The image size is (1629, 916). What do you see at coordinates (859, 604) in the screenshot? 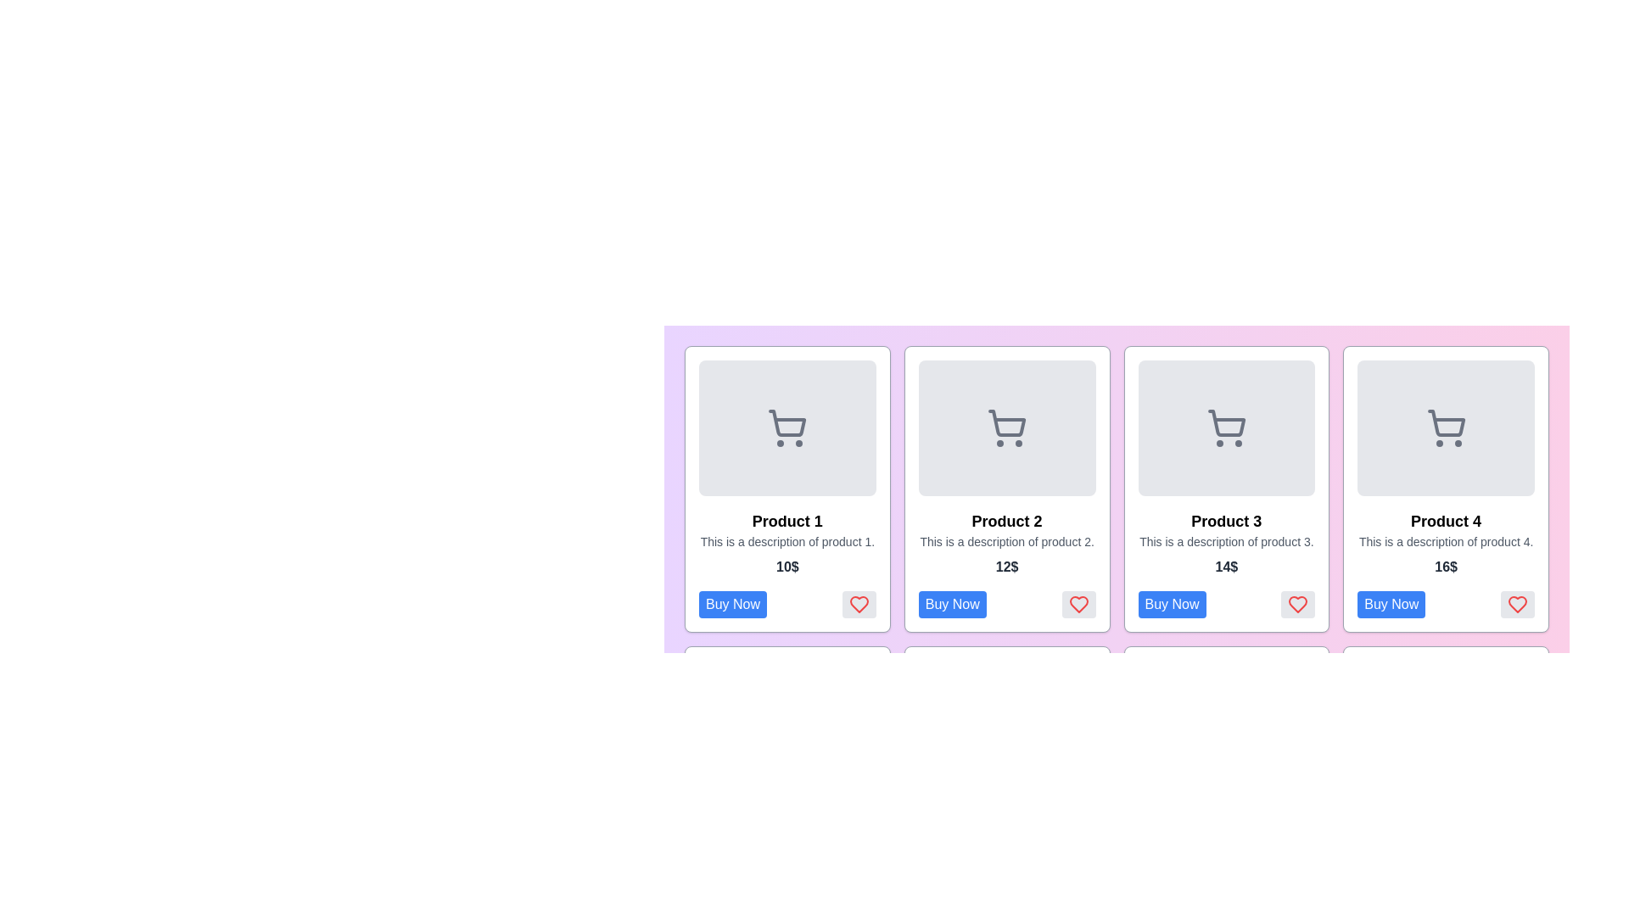
I see `the gray button with a red heart icon located at the bottom-right corner of the 'Product 1' card for extended interaction` at bounding box center [859, 604].